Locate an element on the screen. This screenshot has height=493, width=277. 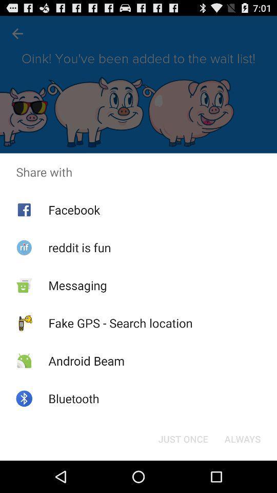
item above android beam item is located at coordinates (120, 323).